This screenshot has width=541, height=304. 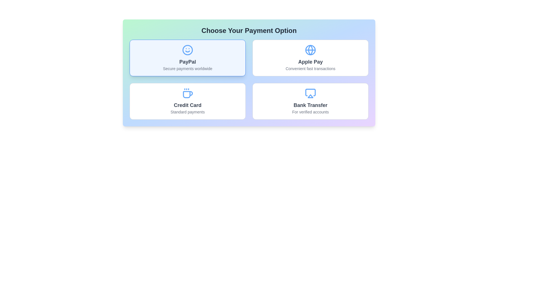 I want to click on the PayPal icon located in the top-left grid cell, which serves as a visual indicator for the PayPal payment method, so click(x=188, y=50).